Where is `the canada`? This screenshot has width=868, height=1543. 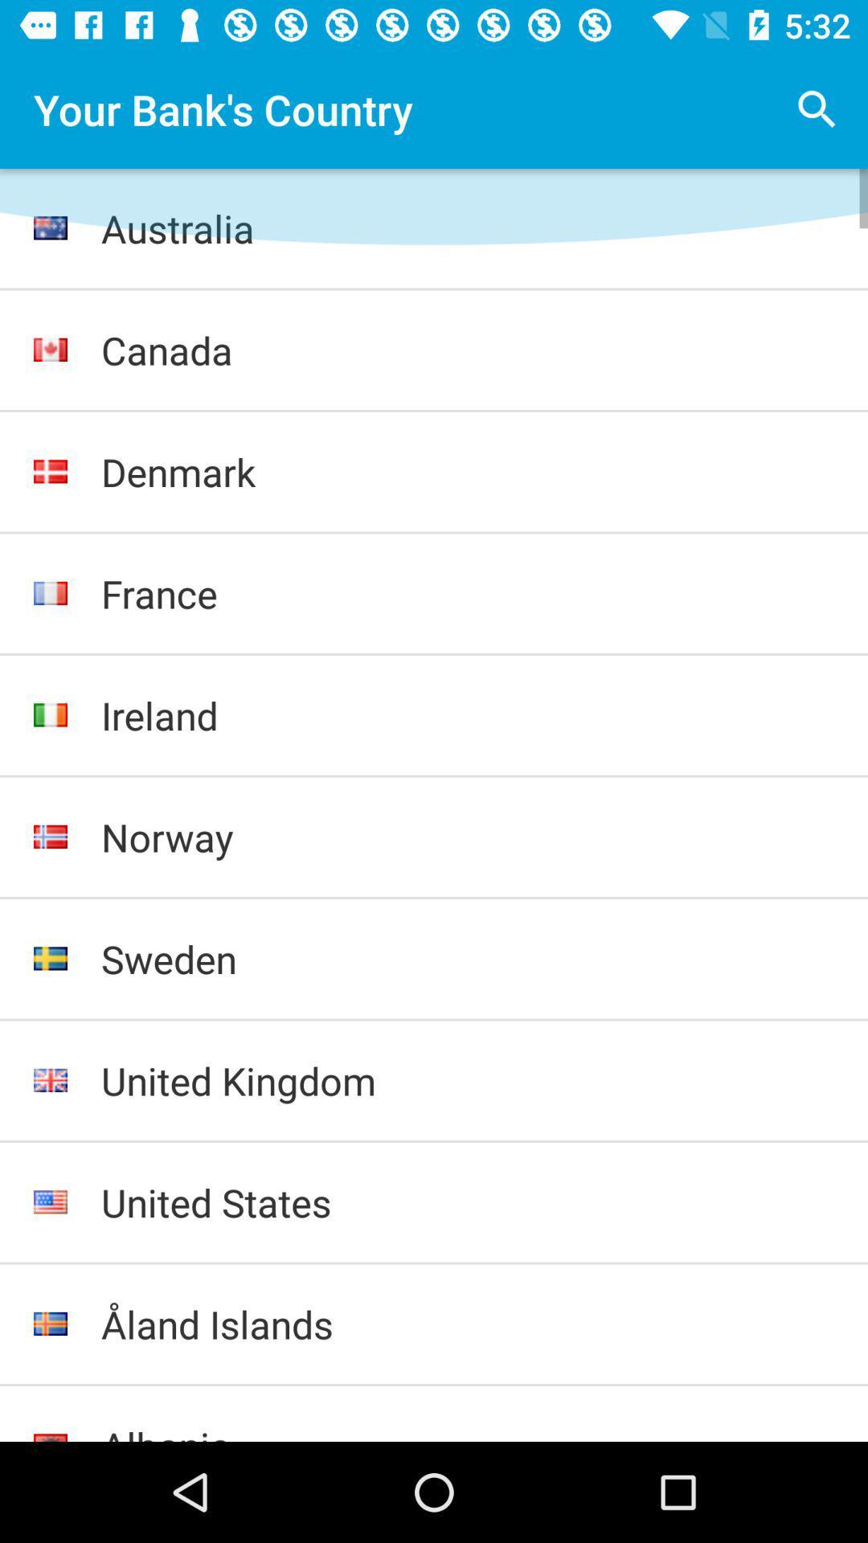
the canada is located at coordinates (468, 349).